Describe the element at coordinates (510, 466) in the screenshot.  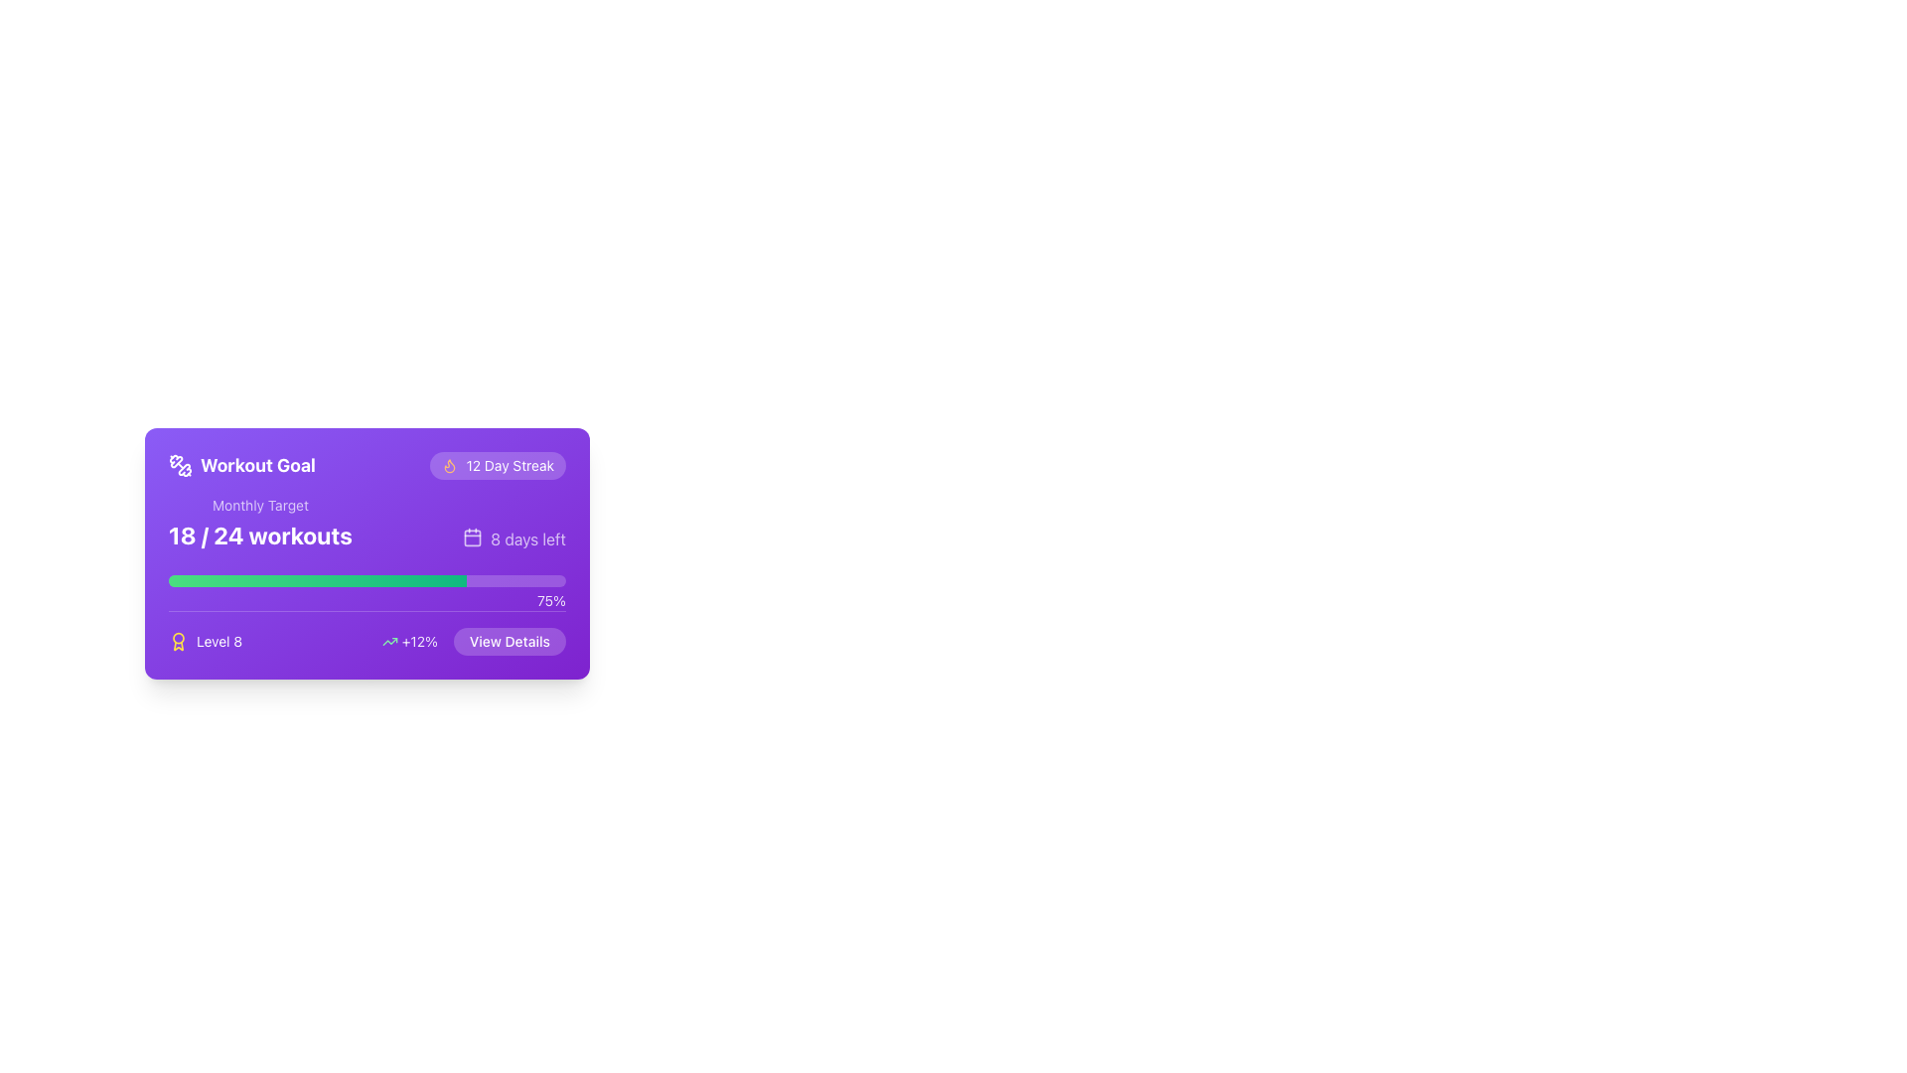
I see `the static text element displaying '12 Day Streak'` at that location.